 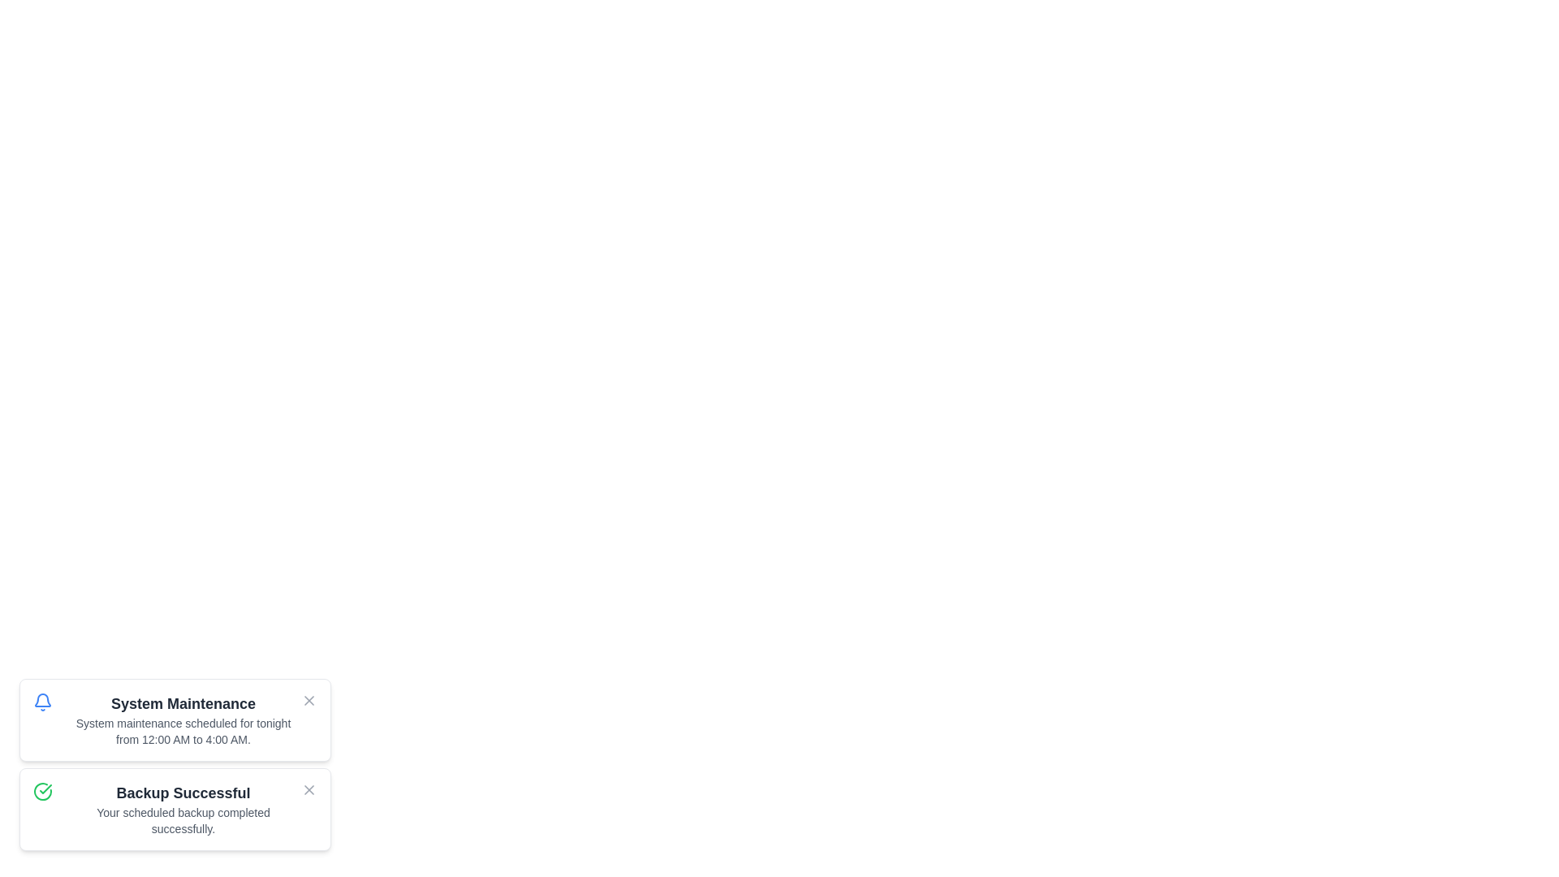 What do you see at coordinates (183, 732) in the screenshot?
I see `the text block displaying 'System maintenance scheduled for tonight from 12:00 AM to 4:00 AM.' which is located inside a notification card in the lower-left region of the interface` at bounding box center [183, 732].